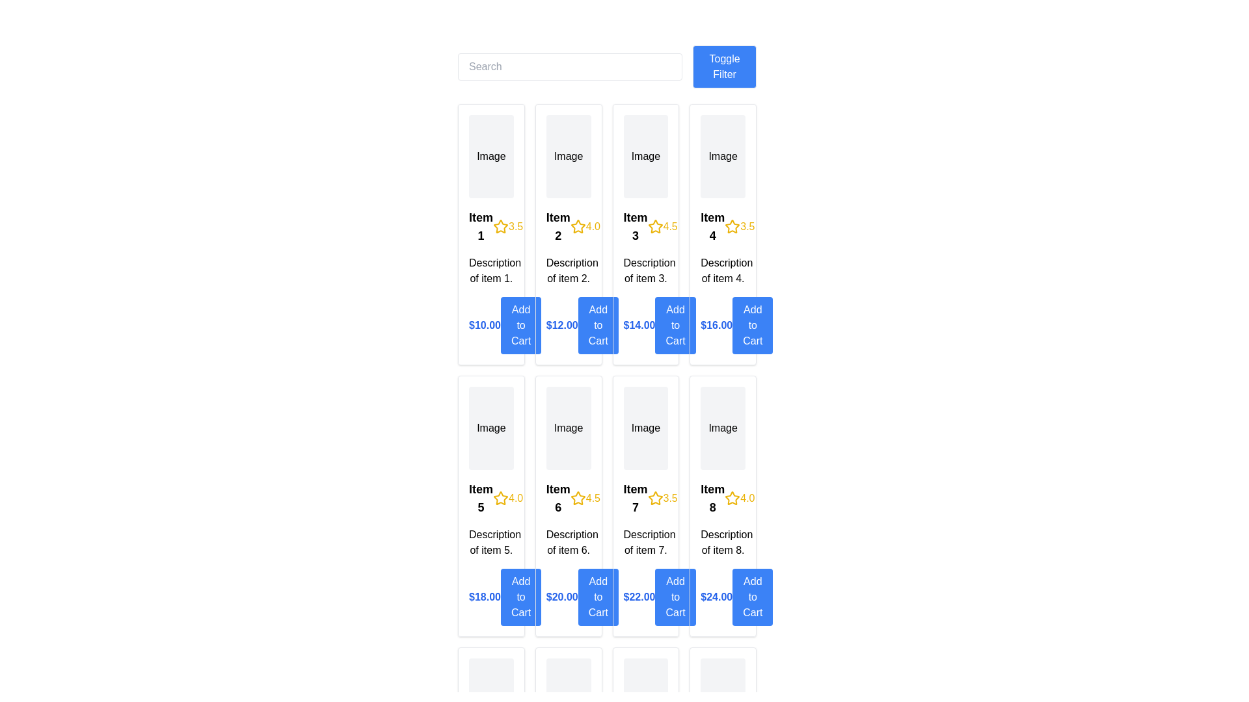  I want to click on the Rating display for 'Item 5', which shows a star icon and a rating of '4.0', to interact with it, so click(490, 498).